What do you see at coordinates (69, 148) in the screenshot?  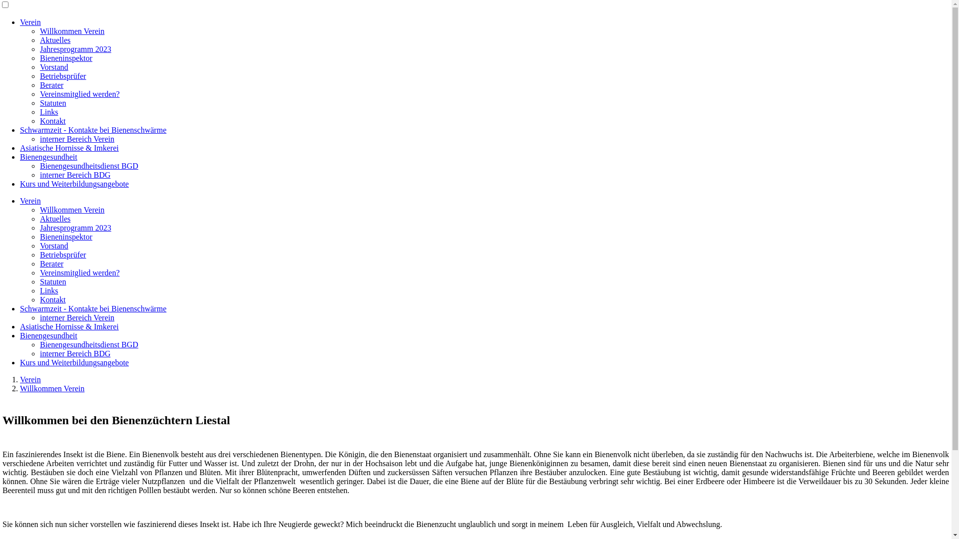 I see `'Asiatische Hornisse & Imkerei'` at bounding box center [69, 148].